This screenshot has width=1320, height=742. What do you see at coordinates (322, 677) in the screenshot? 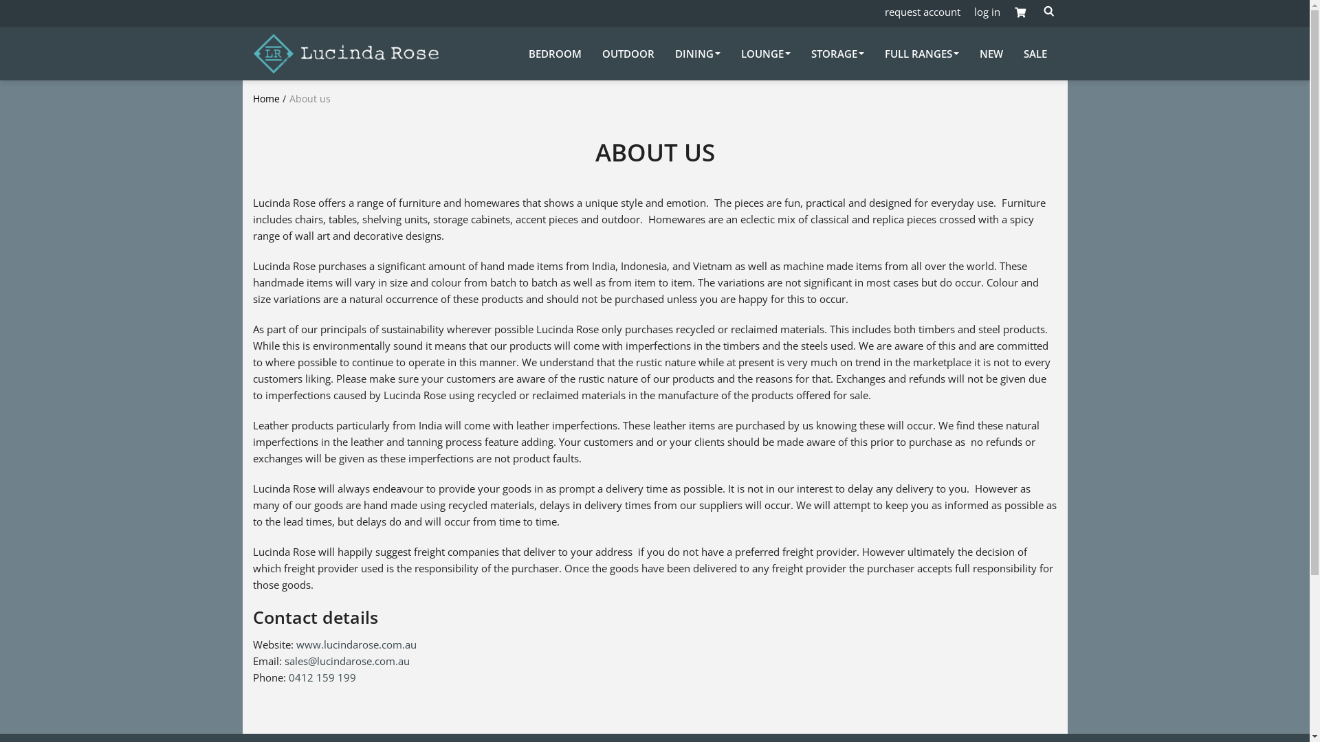
I see `'0412 159 199'` at bounding box center [322, 677].